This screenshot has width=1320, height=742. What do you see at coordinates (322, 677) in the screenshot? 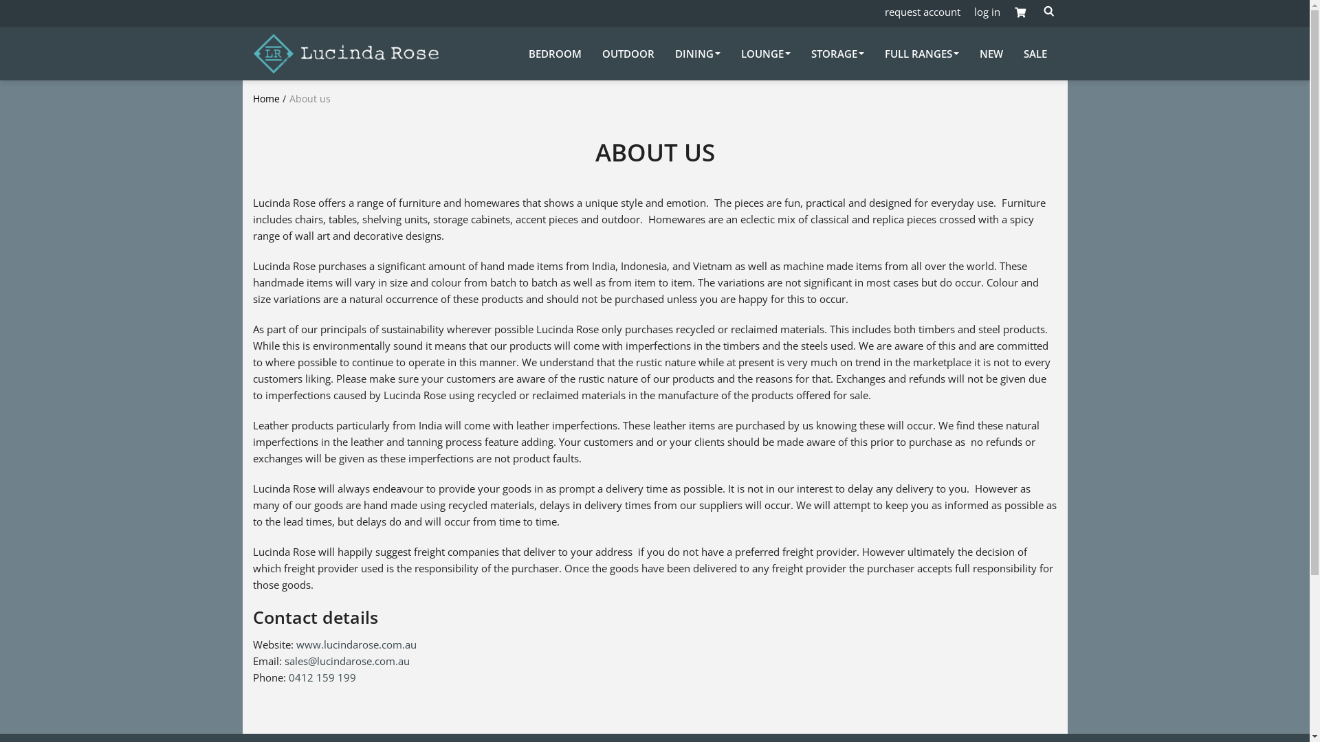
I see `'0412 159 199'` at bounding box center [322, 677].